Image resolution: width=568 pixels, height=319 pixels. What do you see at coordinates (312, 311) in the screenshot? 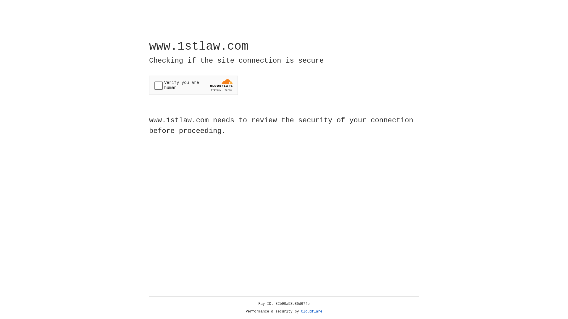
I see `'Cloudflare'` at bounding box center [312, 311].